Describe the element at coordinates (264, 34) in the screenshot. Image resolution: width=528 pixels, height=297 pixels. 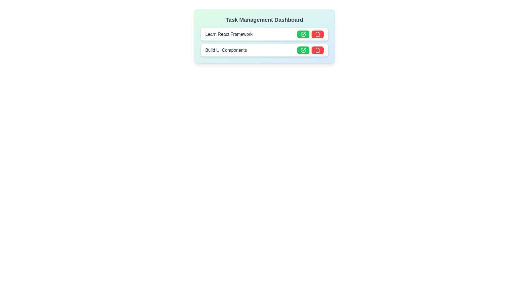
I see `the topmost task item in the task management interface` at that location.